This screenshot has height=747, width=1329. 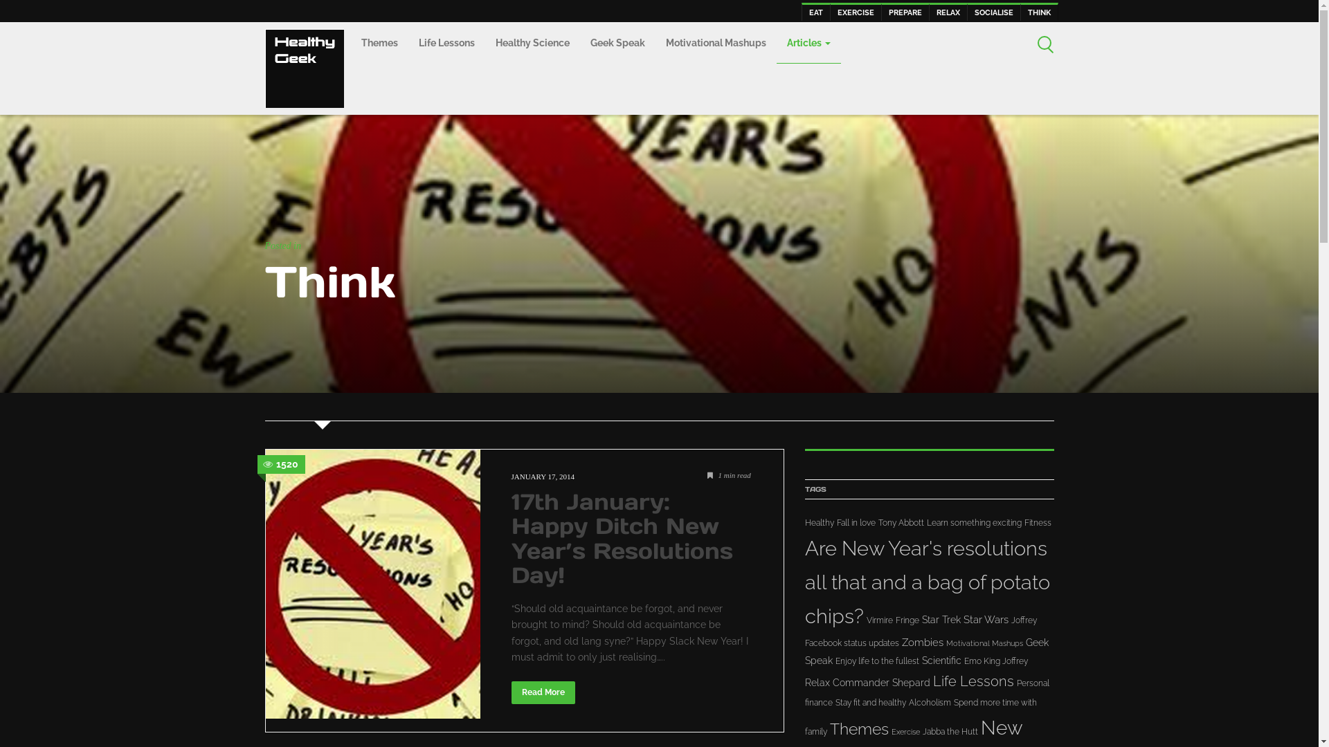 I want to click on 'Read More', so click(x=510, y=691).